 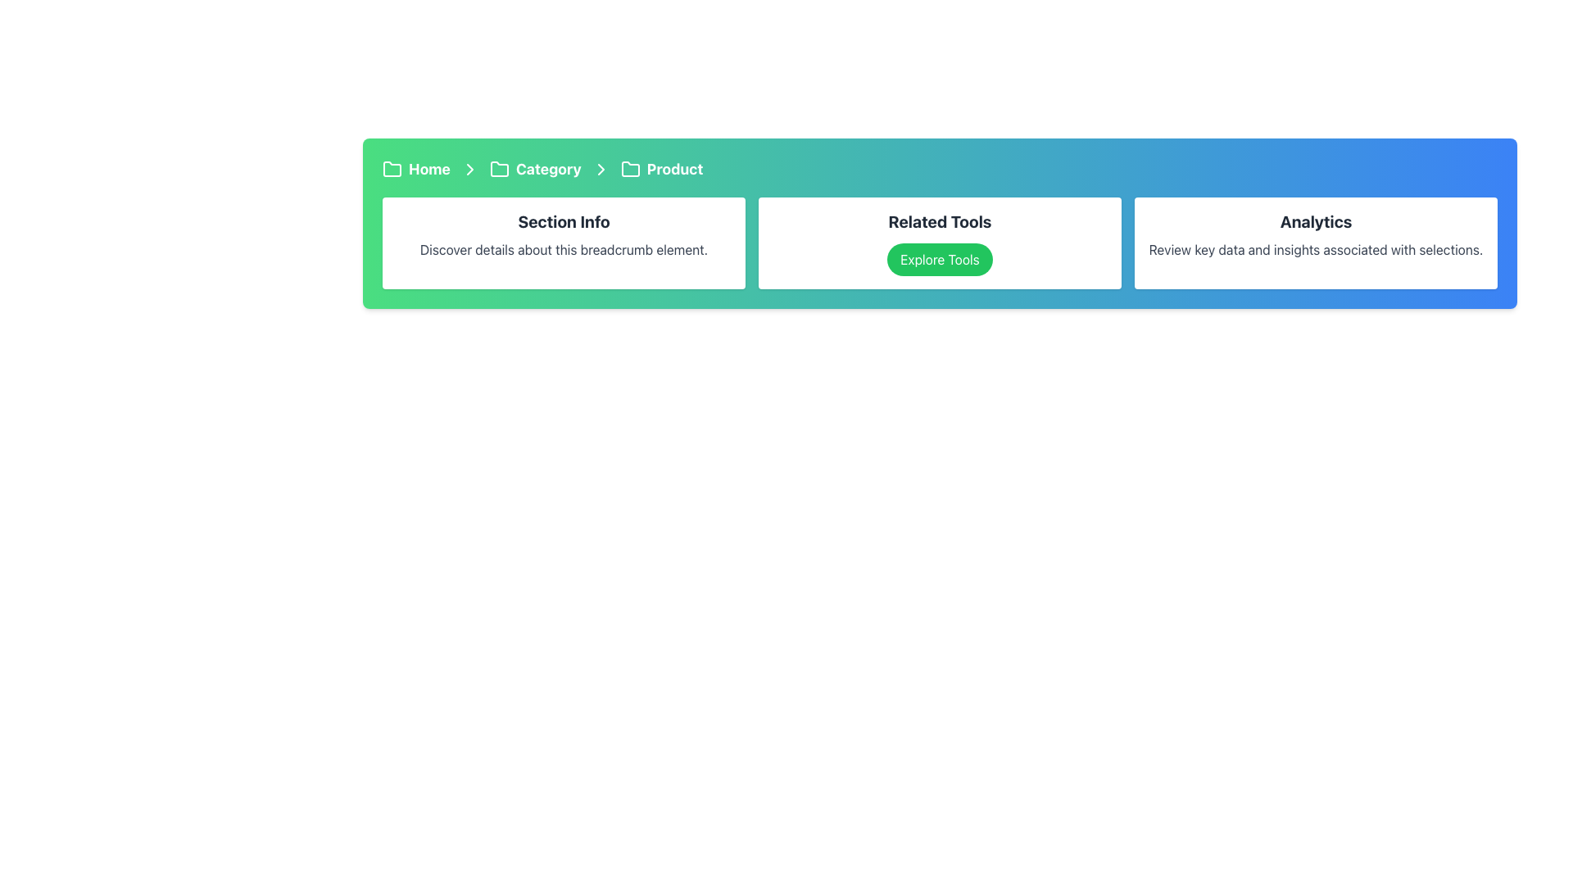 What do you see at coordinates (469, 170) in the screenshot?
I see `the chevron arrow icon in the breadcrumb navigation bar, which visually separates the 'Home' and 'Category' labels, located at the upper section of the interface` at bounding box center [469, 170].